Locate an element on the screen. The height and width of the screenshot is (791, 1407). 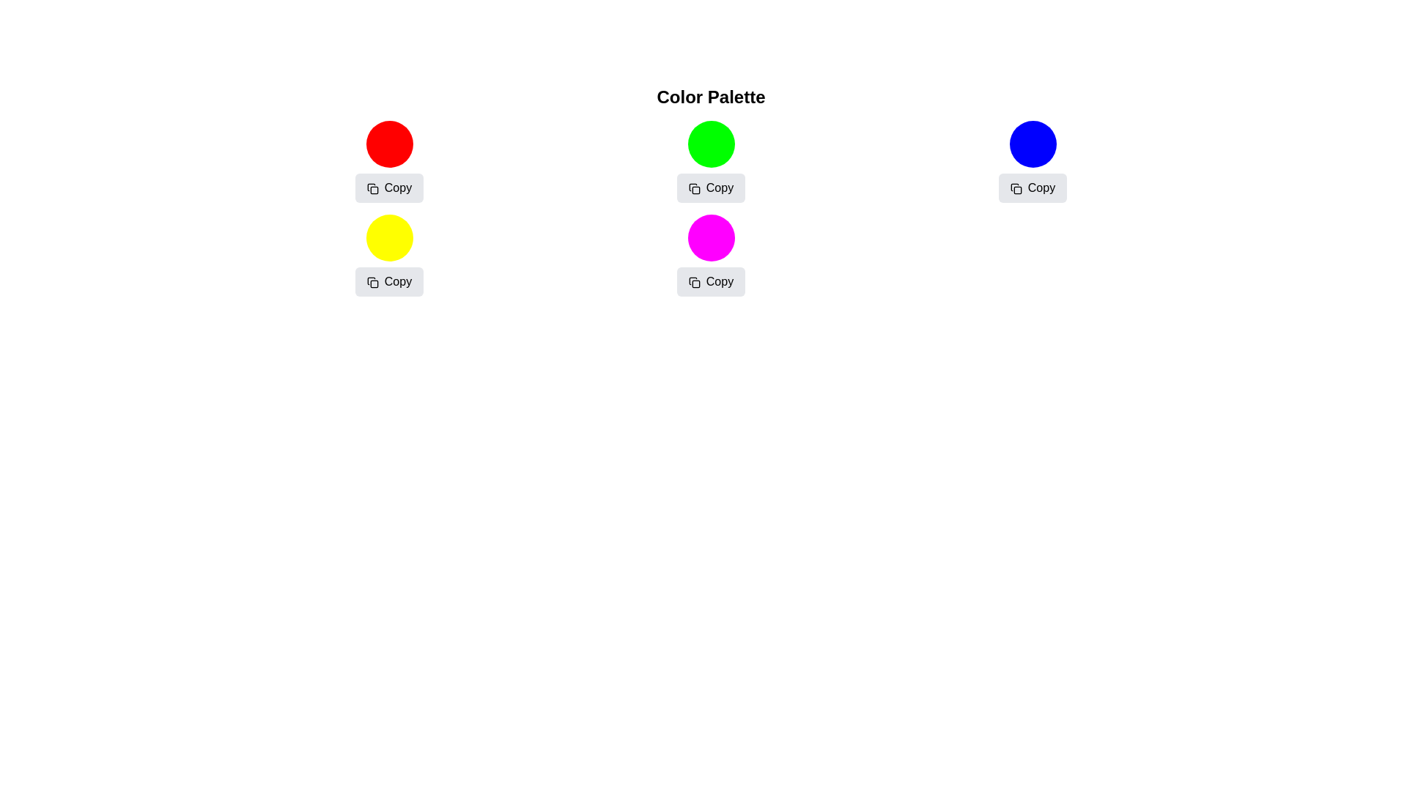
the SVG icon with a copy-symbol design located within the 'Copy' button in the blue section of the layout is located at coordinates (1015, 187).